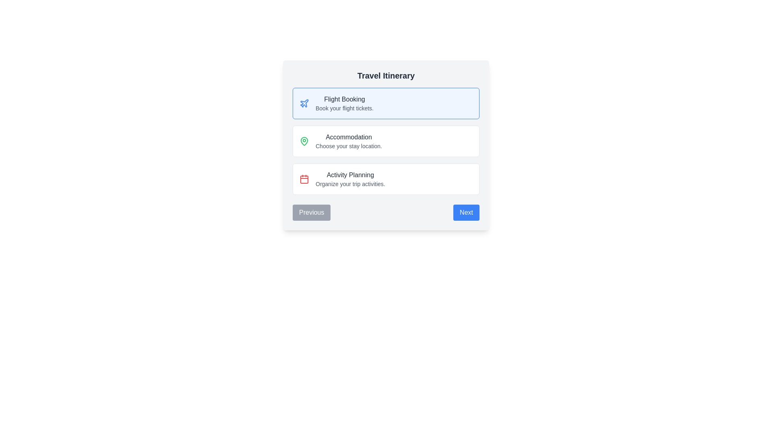  I want to click on the heading element that introduces and labels the planning activities section in the travel itinerary interface, located at the top of the section with a calendar icon, so click(350, 175).